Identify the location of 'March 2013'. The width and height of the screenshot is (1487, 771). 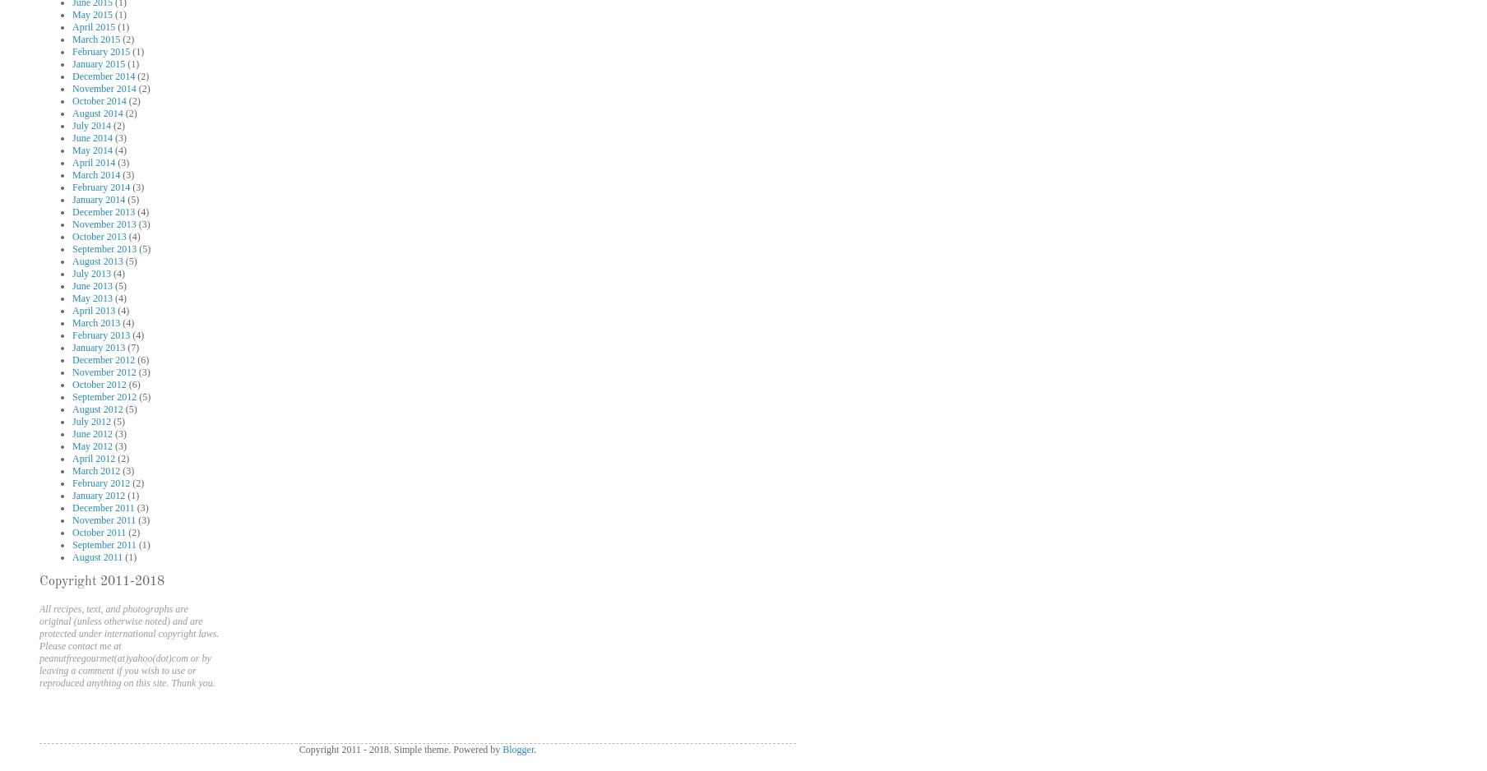
(72, 322).